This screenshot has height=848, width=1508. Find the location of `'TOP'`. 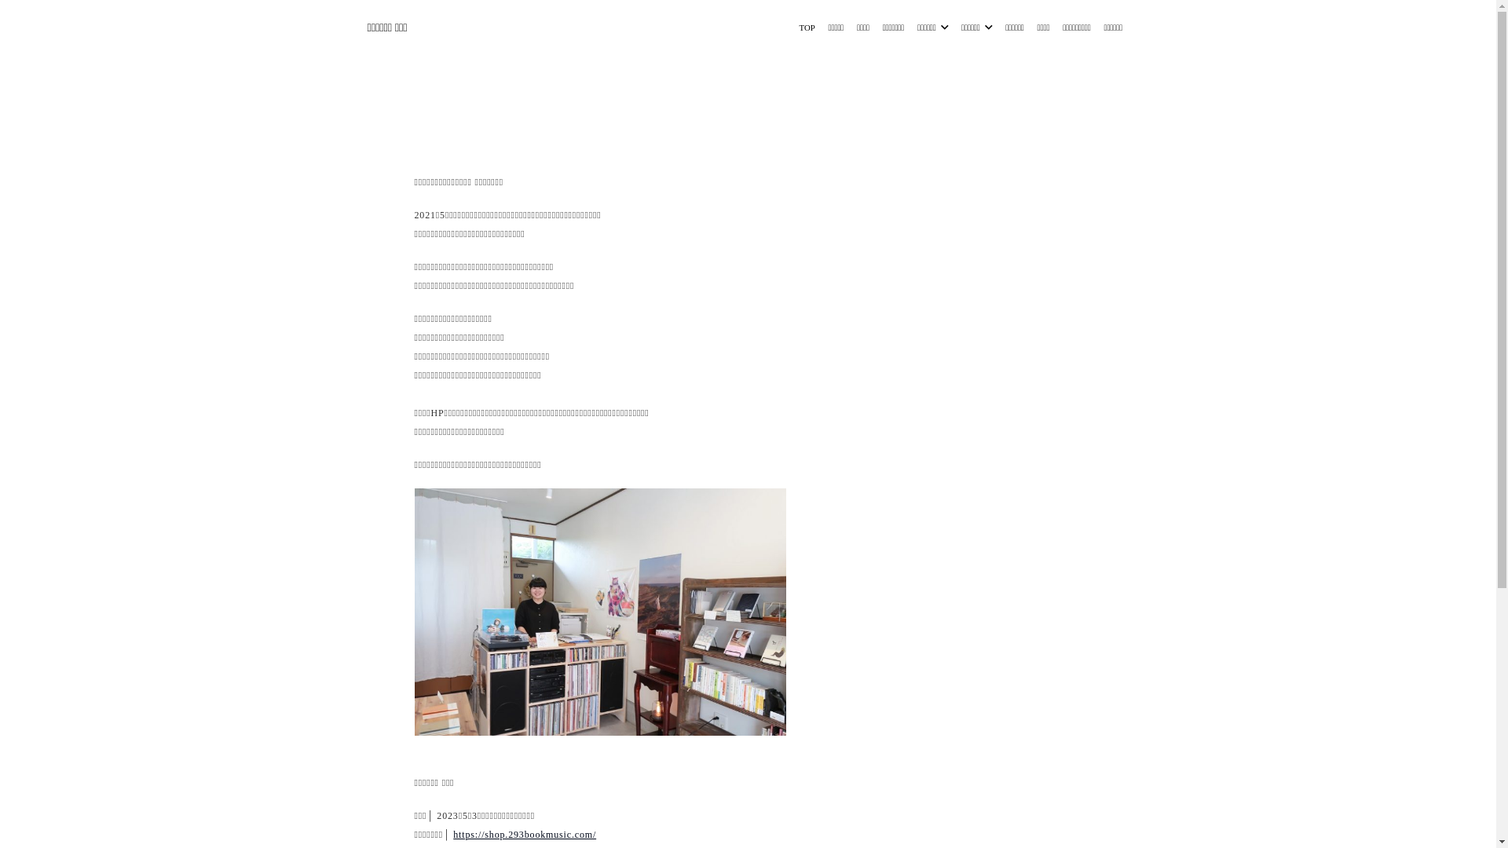

'TOP' is located at coordinates (807, 27).